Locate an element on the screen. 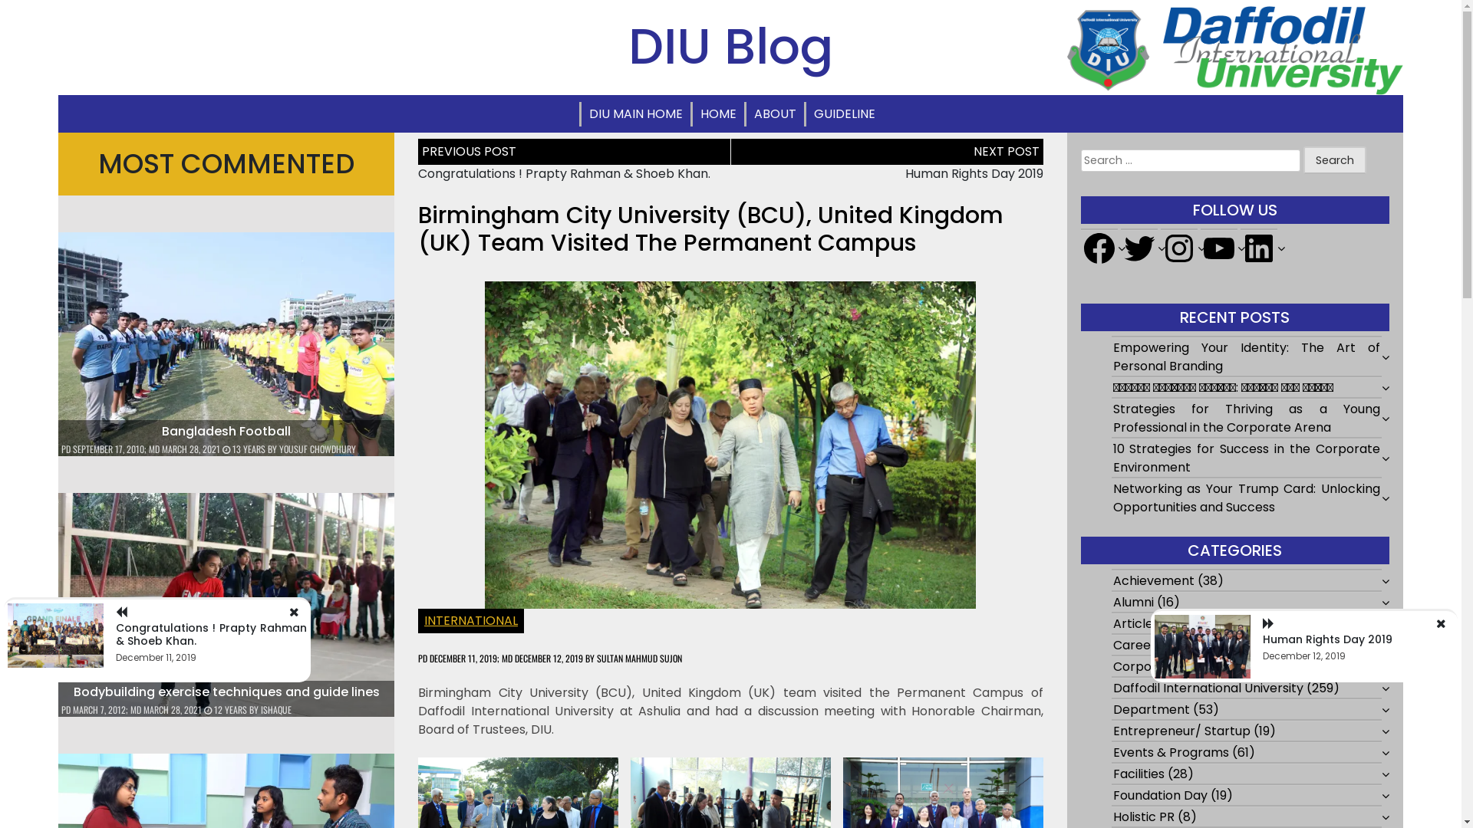 This screenshot has height=828, width=1473. 'SULTAN MAHMUD SUJON' is located at coordinates (595, 657).